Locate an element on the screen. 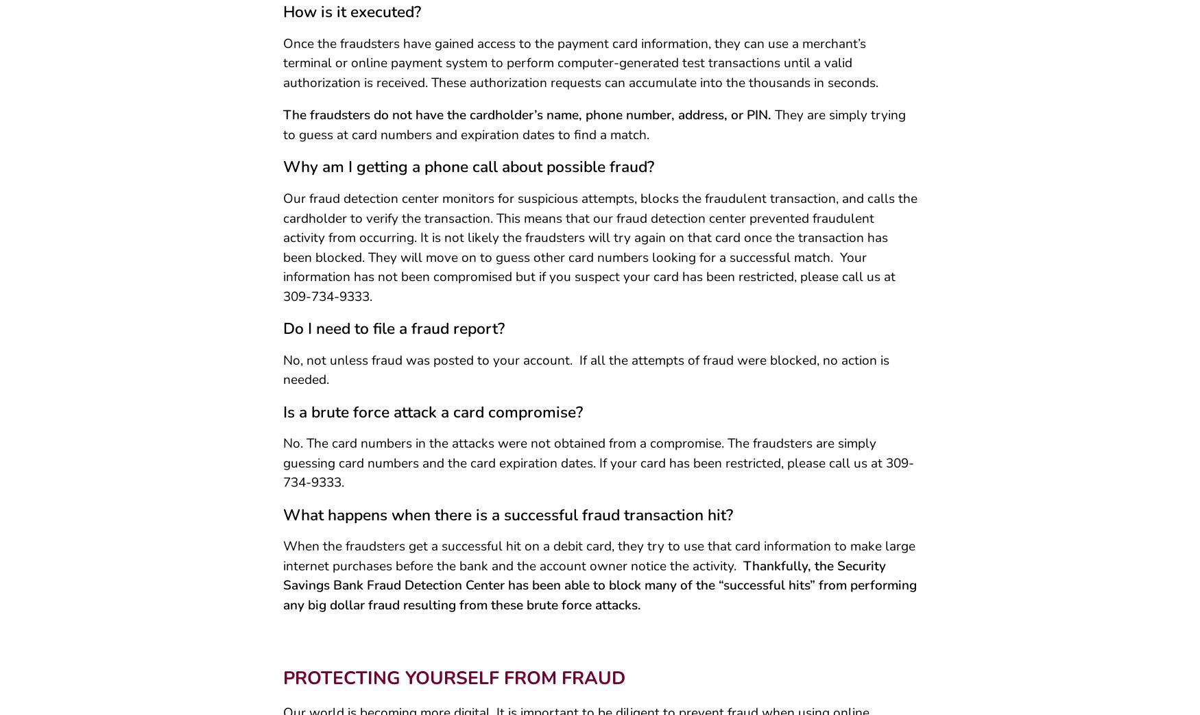 Image resolution: width=1200 pixels, height=715 pixels. 'When the fraudsters get a successful hit on a debit card, they try to use that card information to make large internet purchases before the bank and the account owner notice the activity.' is located at coordinates (599, 560).